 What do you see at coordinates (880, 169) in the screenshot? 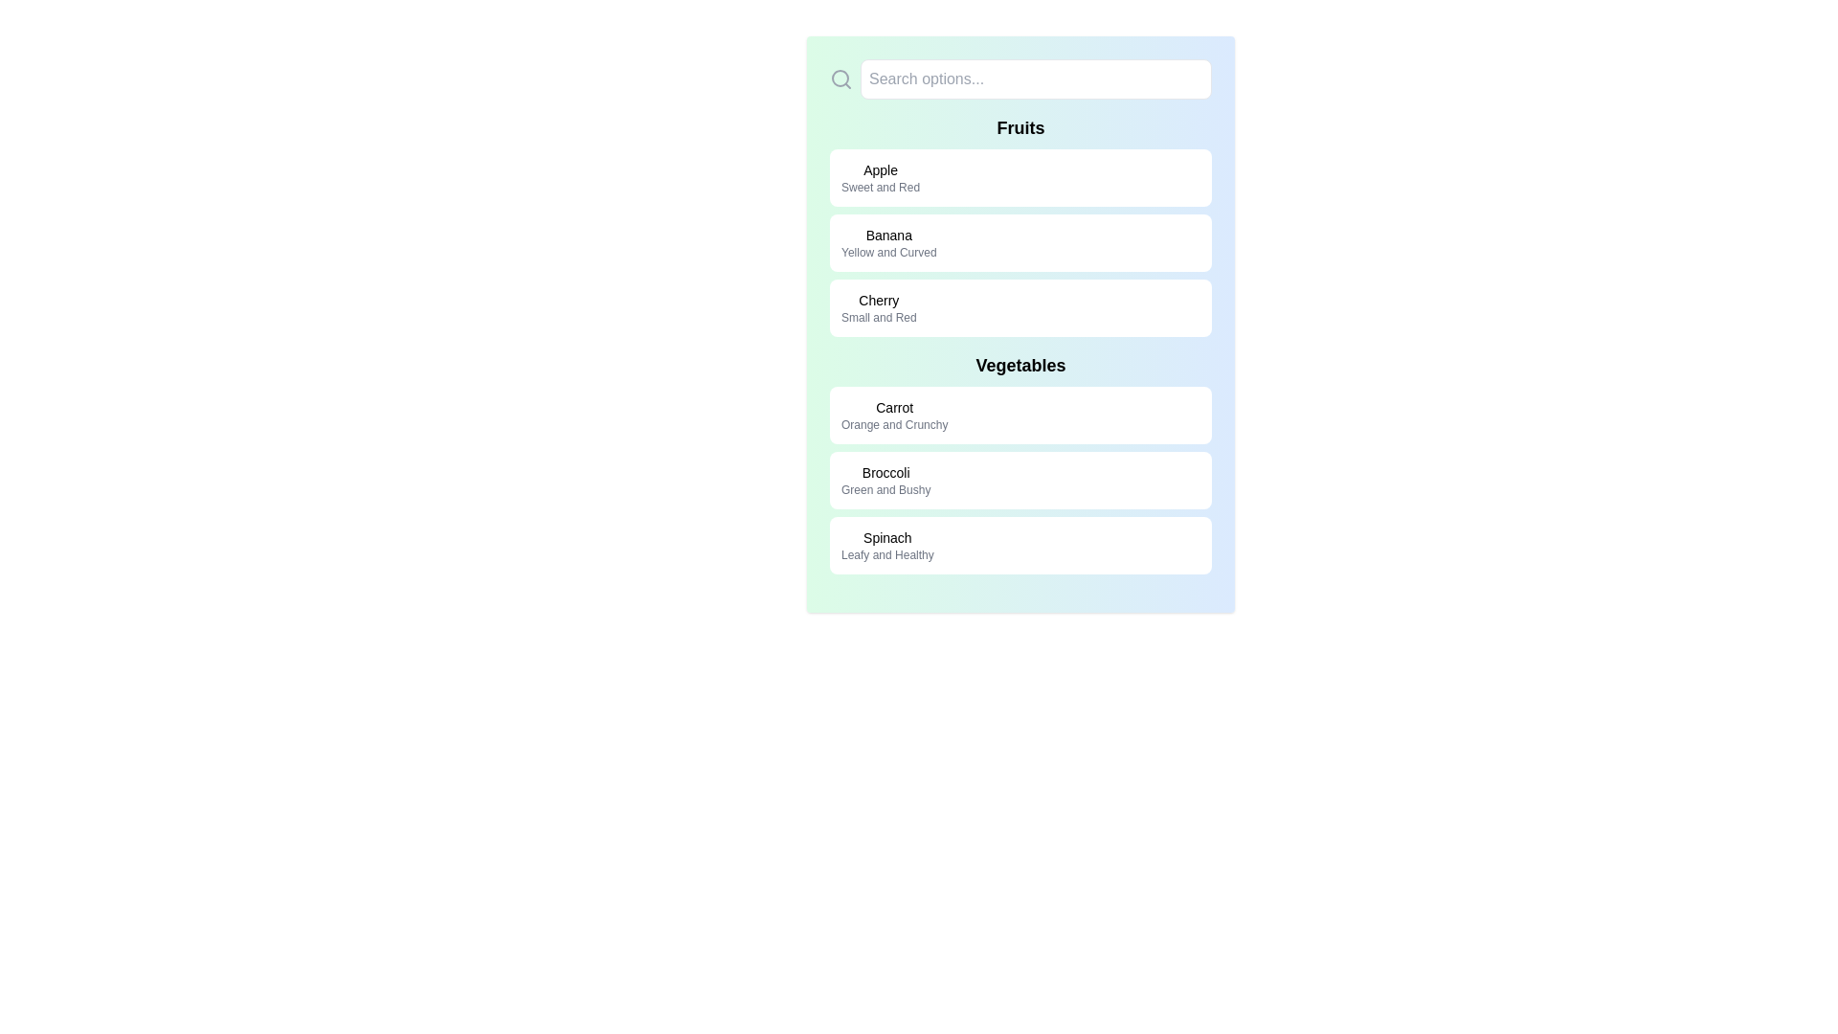
I see `the label element displaying the text 'Apple', which is styled in a medium font size and is bold, located at the top of the 'Fruits' section` at bounding box center [880, 169].